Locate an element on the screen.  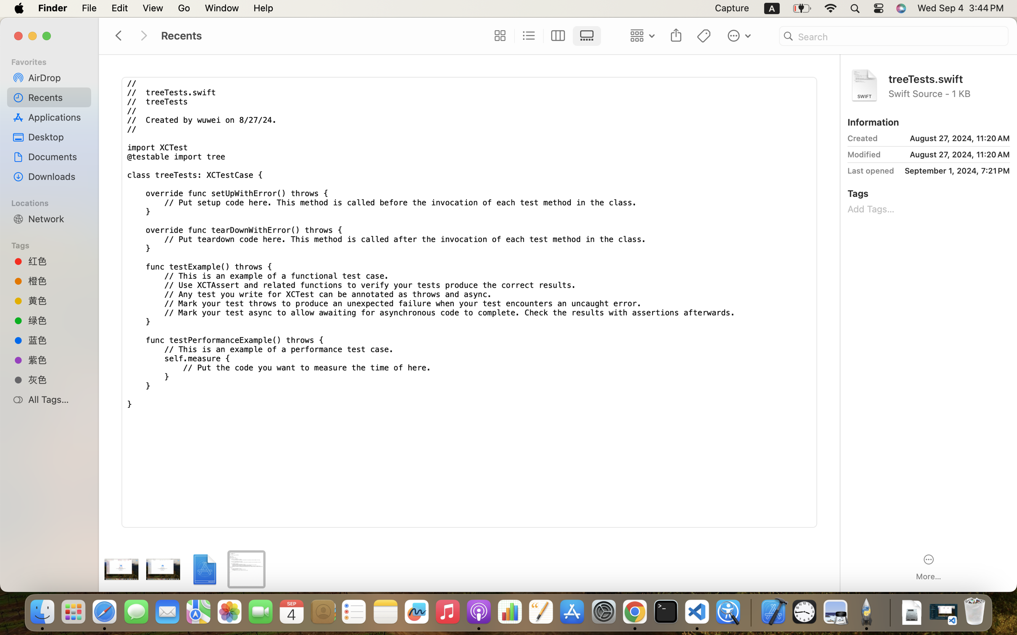
'Locations' is located at coordinates (53, 202).